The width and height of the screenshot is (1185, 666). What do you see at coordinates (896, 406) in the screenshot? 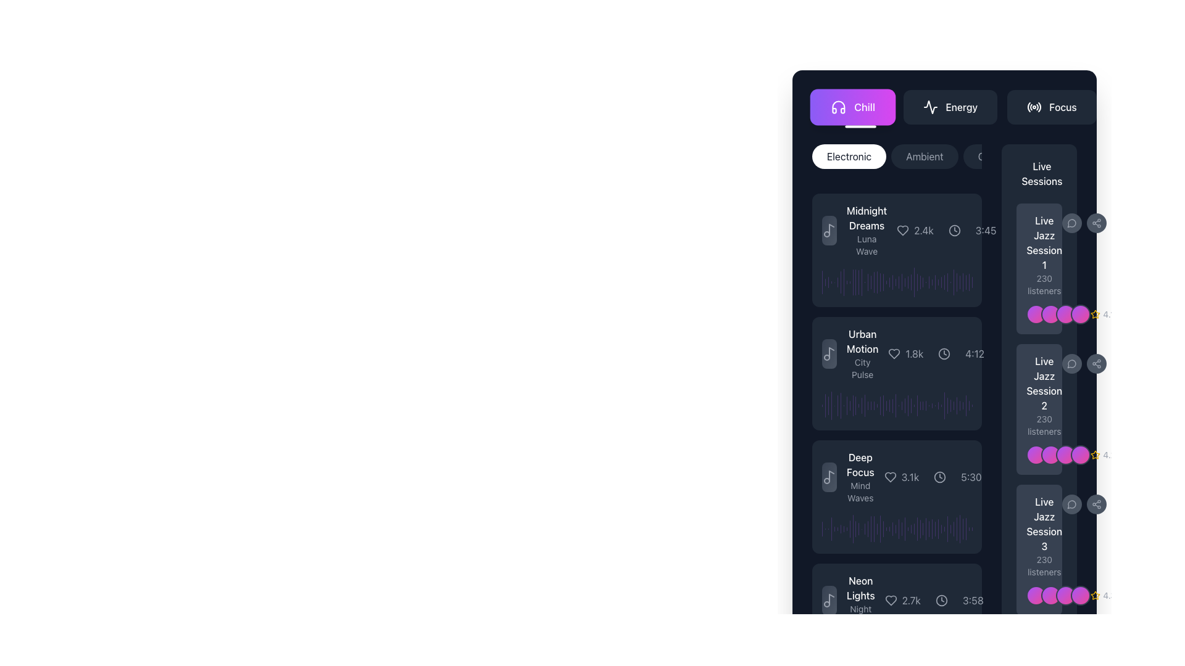
I see `the visual representation of the purple shaded progress bar with rounded ends, located in the middle of a grouping of vertical bars` at bounding box center [896, 406].